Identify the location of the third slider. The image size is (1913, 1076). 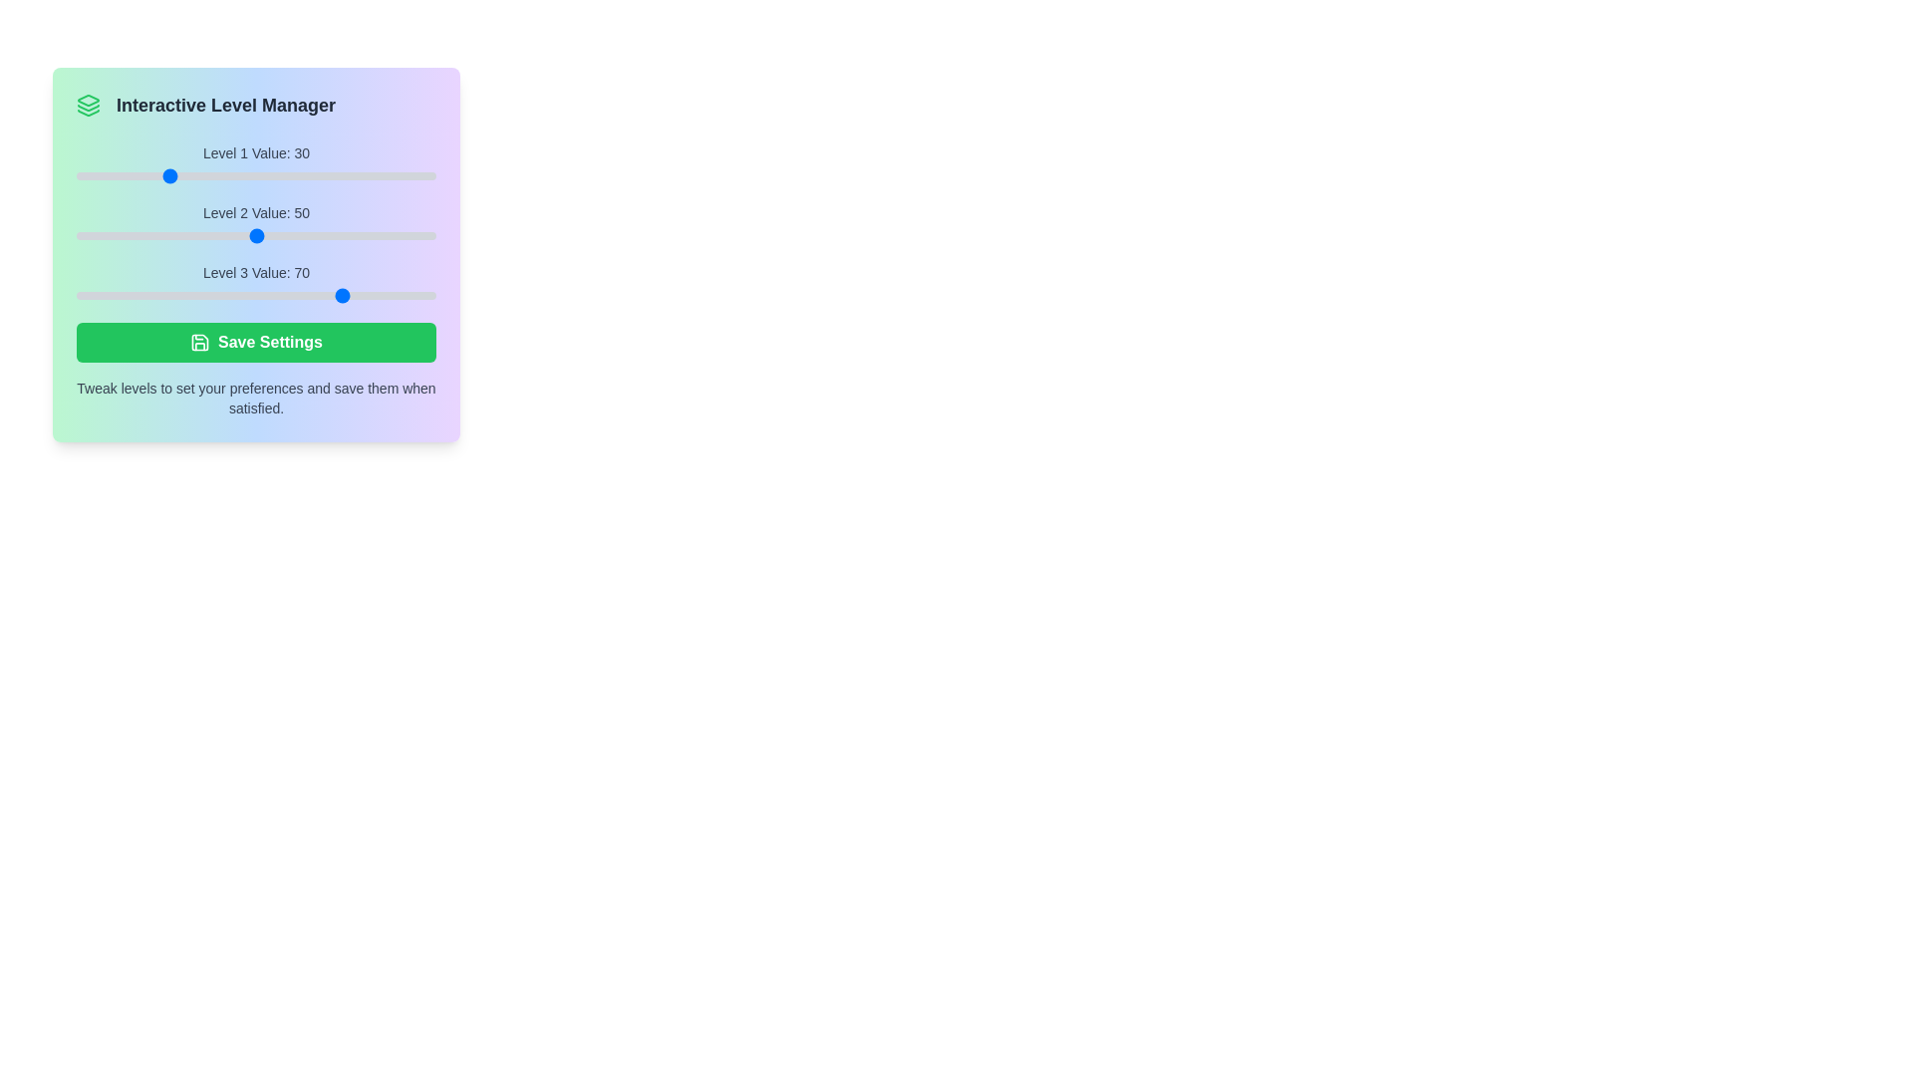
(255, 296).